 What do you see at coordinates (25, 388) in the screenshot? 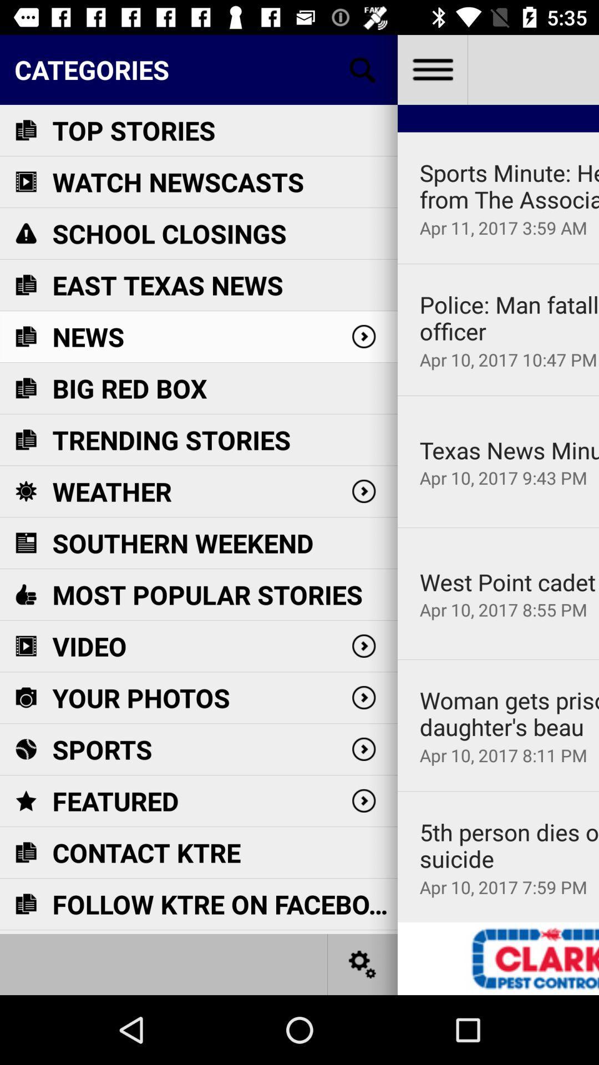
I see `icon left to the text big red box` at bounding box center [25, 388].